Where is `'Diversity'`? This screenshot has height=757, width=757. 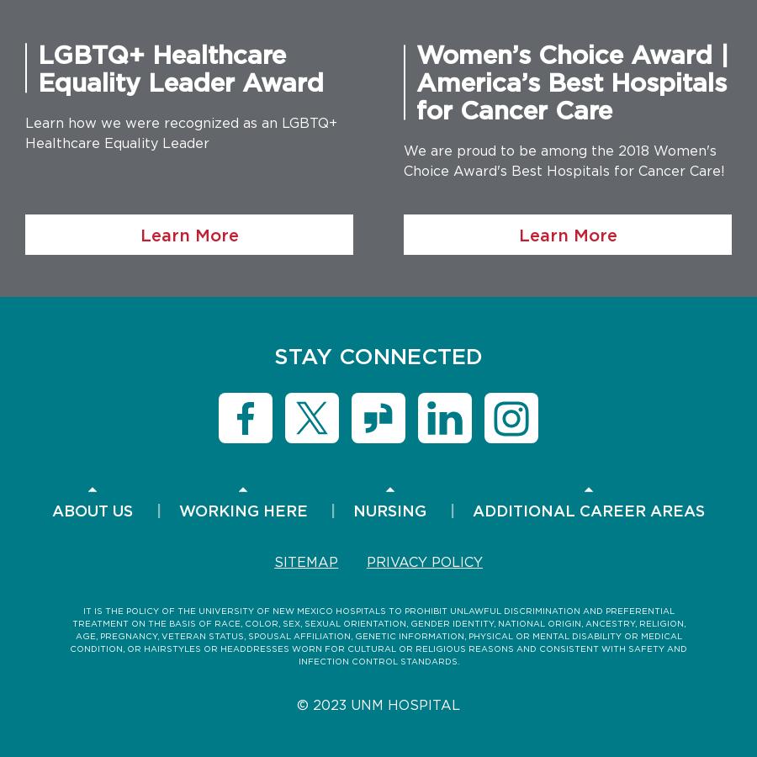 'Diversity' is located at coordinates (211, 312).